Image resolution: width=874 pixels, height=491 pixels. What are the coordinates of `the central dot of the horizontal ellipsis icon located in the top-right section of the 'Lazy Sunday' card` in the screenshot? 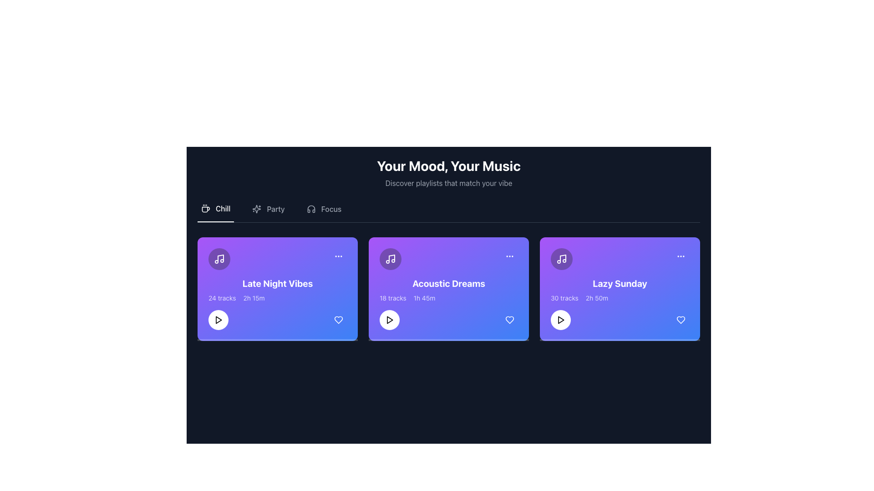 It's located at (681, 256).